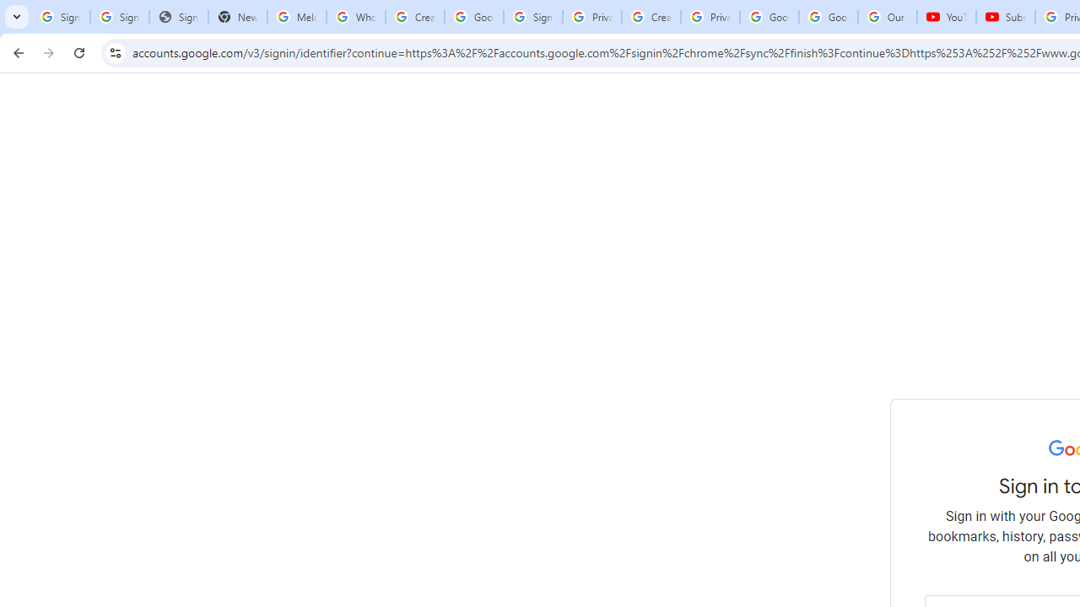 Image resolution: width=1080 pixels, height=607 pixels. I want to click on 'YouTube', so click(946, 17).